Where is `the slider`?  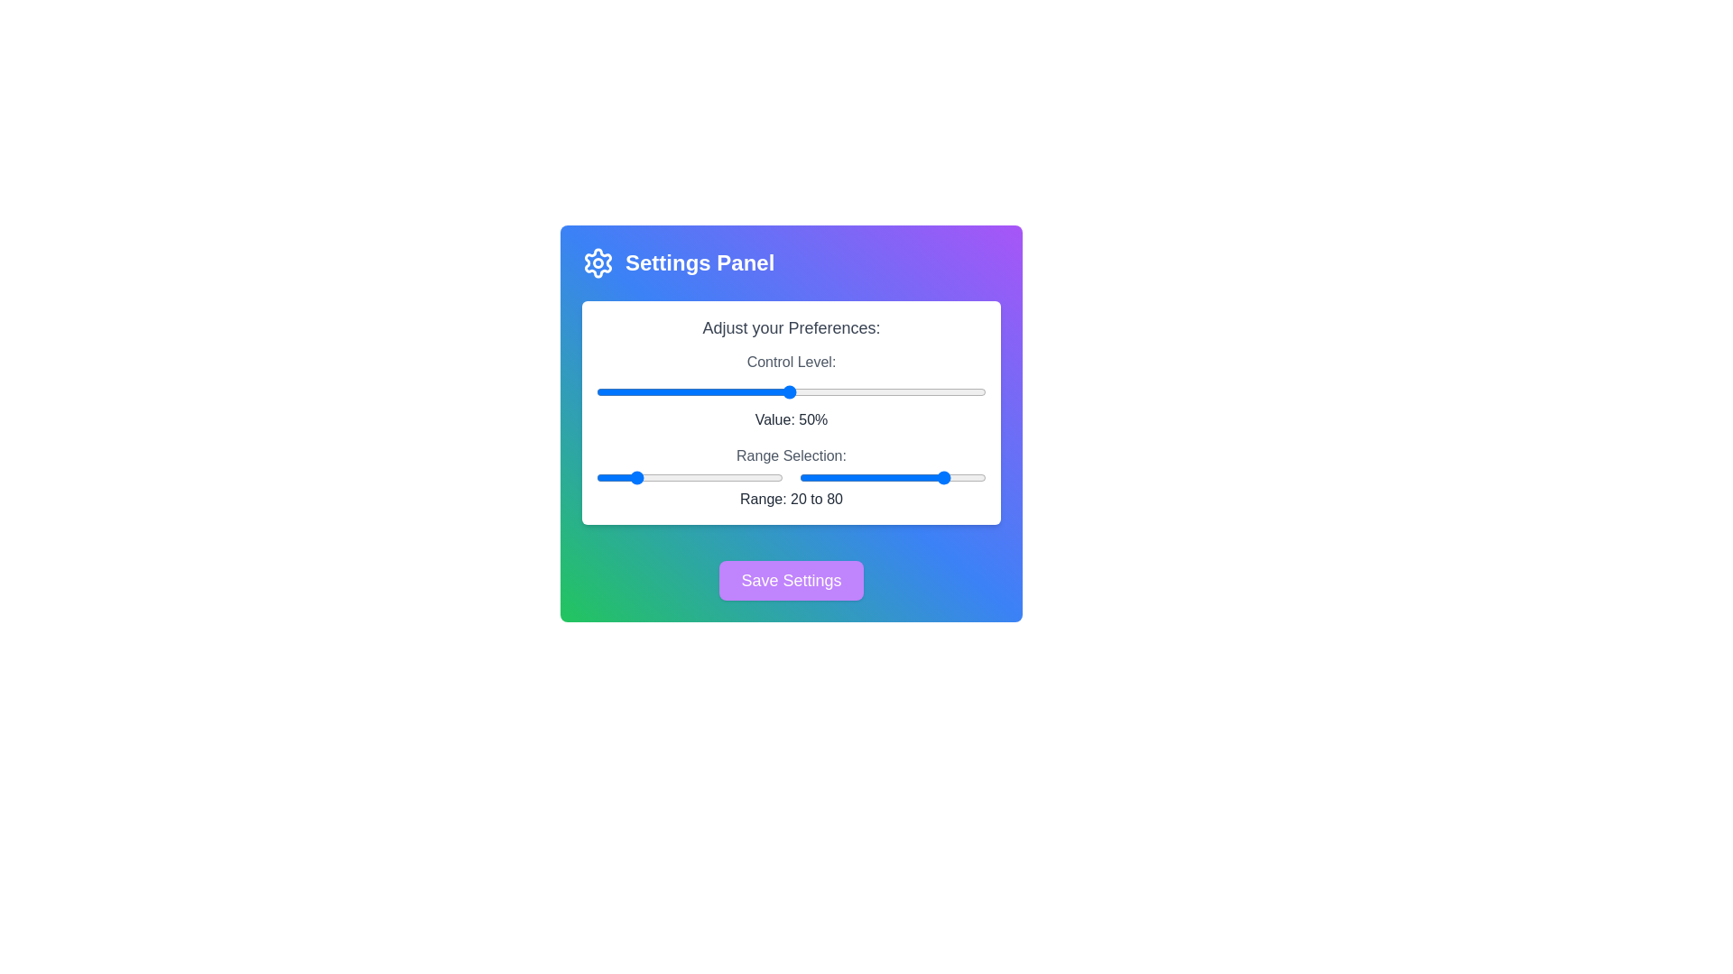
the slider is located at coordinates (602, 476).